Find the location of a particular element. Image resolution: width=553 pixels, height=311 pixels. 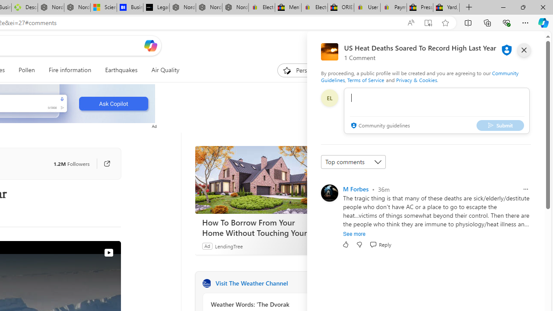

'New Tab' is located at coordinates (469, 7).